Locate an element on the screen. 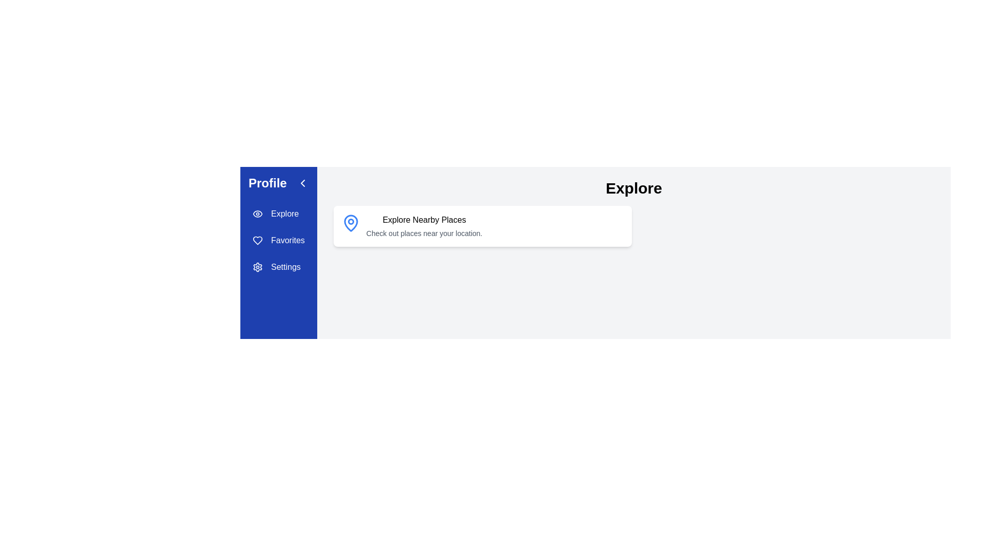 The height and width of the screenshot is (553, 984). the 'Settings' button located at the bottom of the vertically stacked menu in the left sidebar, which is the third item following 'Explore' and 'Favorites' is located at coordinates (278, 266).